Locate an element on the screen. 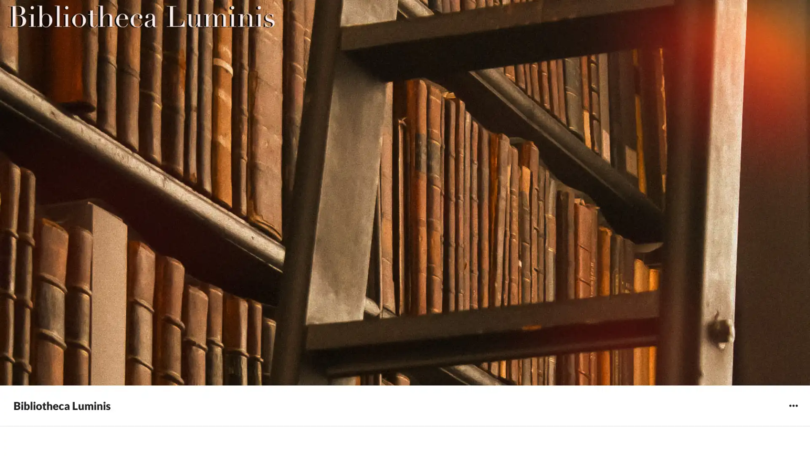  WIDGETS is located at coordinates (793, 405).